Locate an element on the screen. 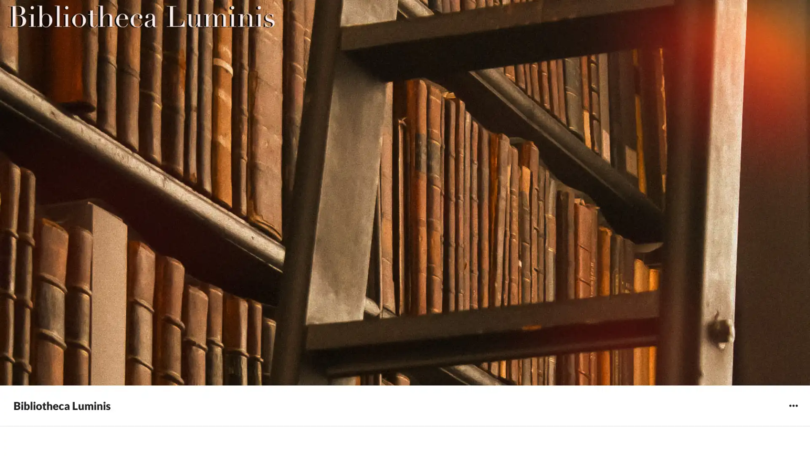  WIDGETS is located at coordinates (793, 405).